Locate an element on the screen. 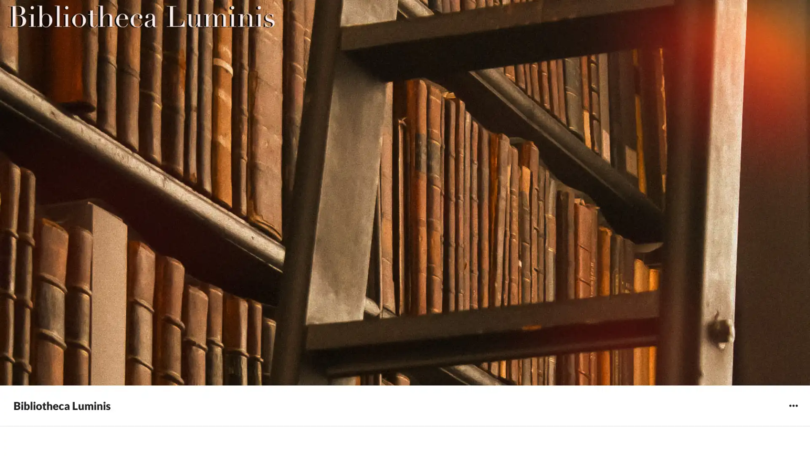  WIDGETS is located at coordinates (793, 405).